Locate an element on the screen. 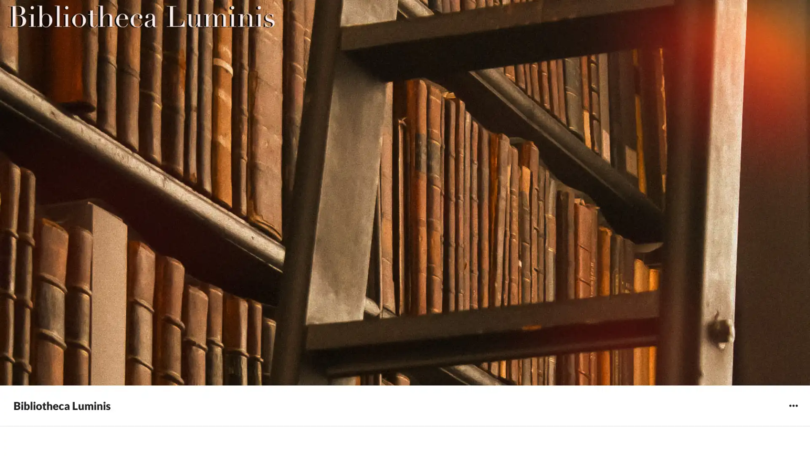  WIDGETS is located at coordinates (793, 405).